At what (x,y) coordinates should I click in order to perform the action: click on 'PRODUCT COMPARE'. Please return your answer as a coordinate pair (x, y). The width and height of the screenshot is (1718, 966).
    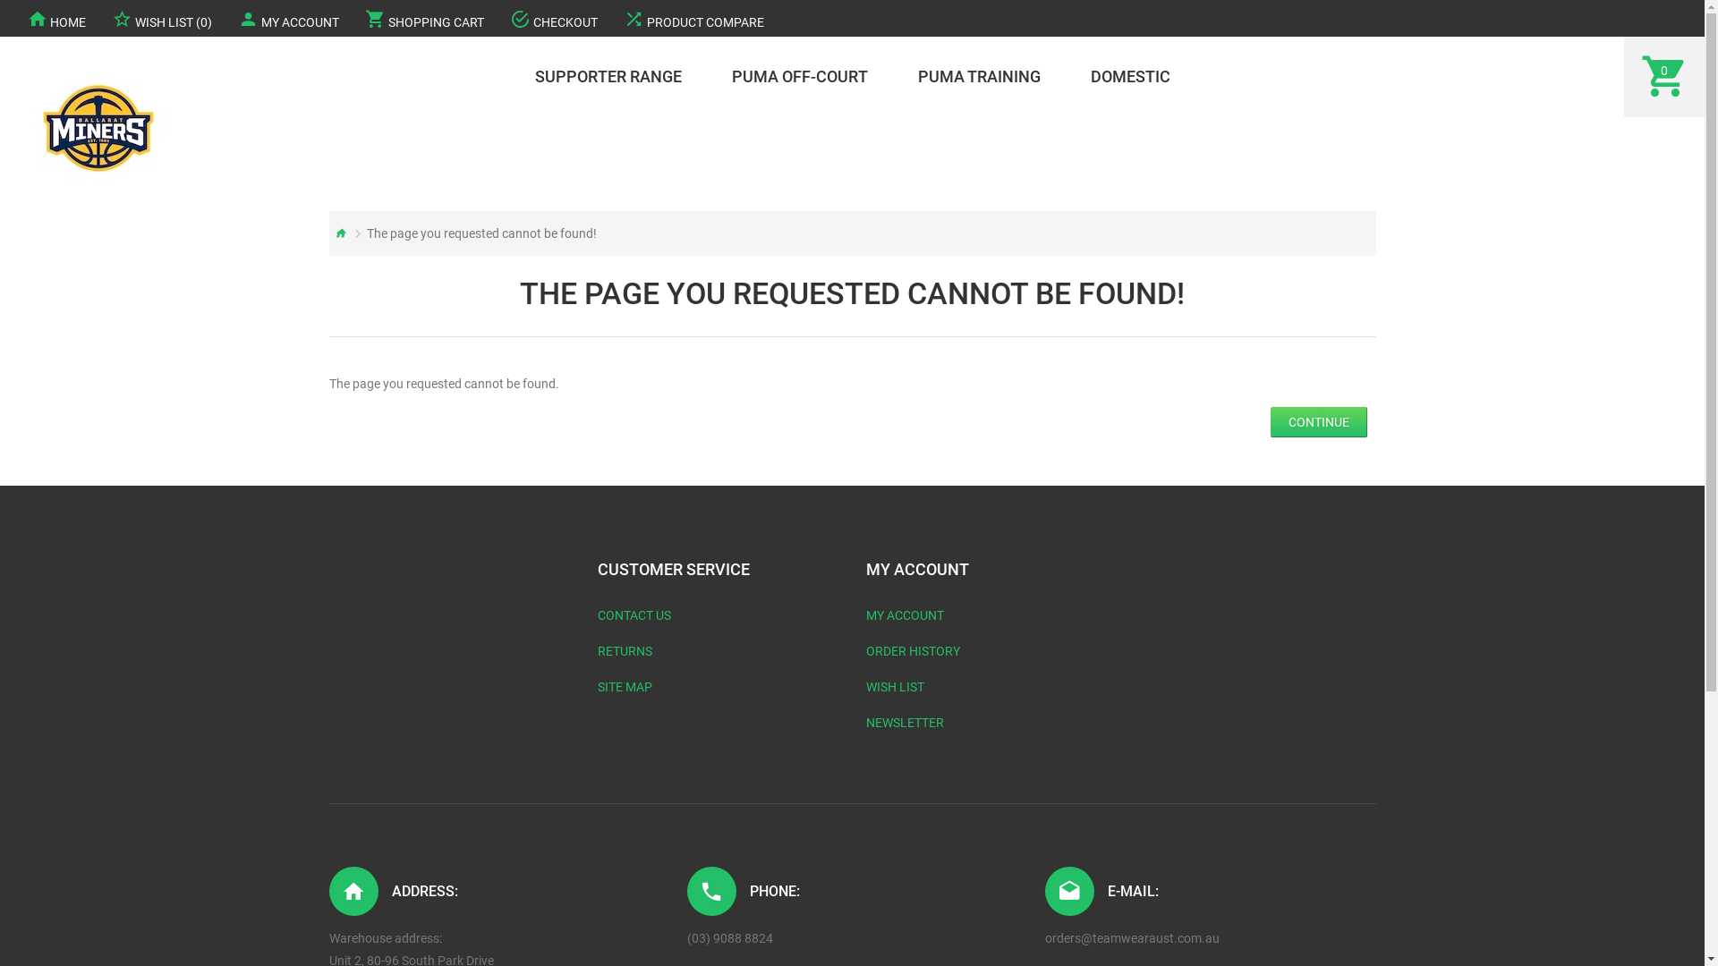
    Looking at the image, I should click on (693, 18).